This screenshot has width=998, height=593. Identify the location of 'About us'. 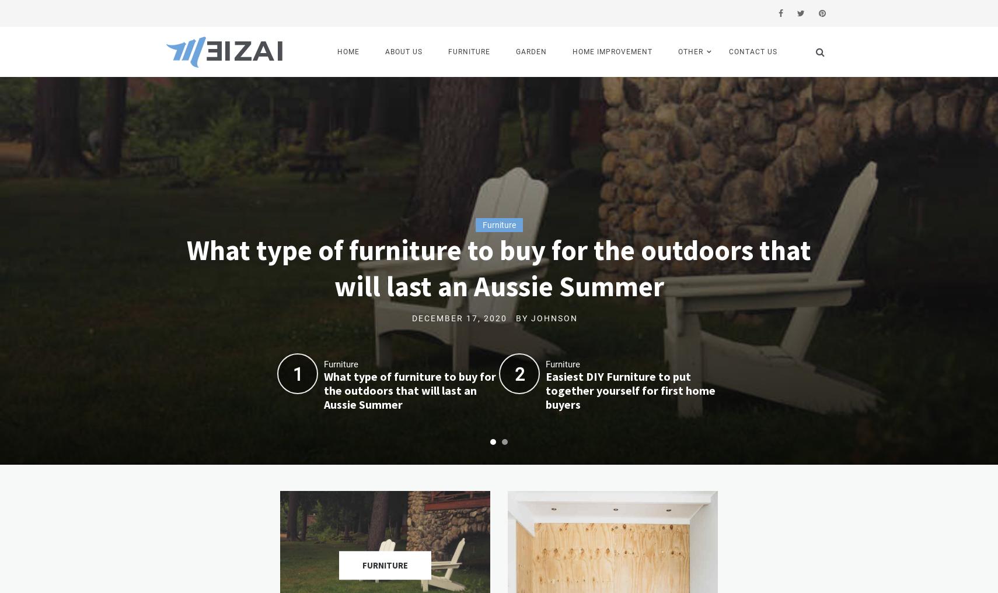
(404, 51).